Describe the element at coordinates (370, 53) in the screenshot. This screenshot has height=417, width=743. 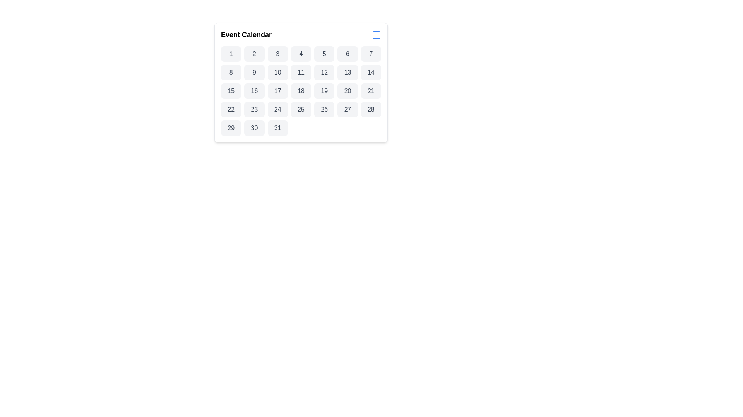
I see `the button representing the seventh day in the calendar interface` at that location.